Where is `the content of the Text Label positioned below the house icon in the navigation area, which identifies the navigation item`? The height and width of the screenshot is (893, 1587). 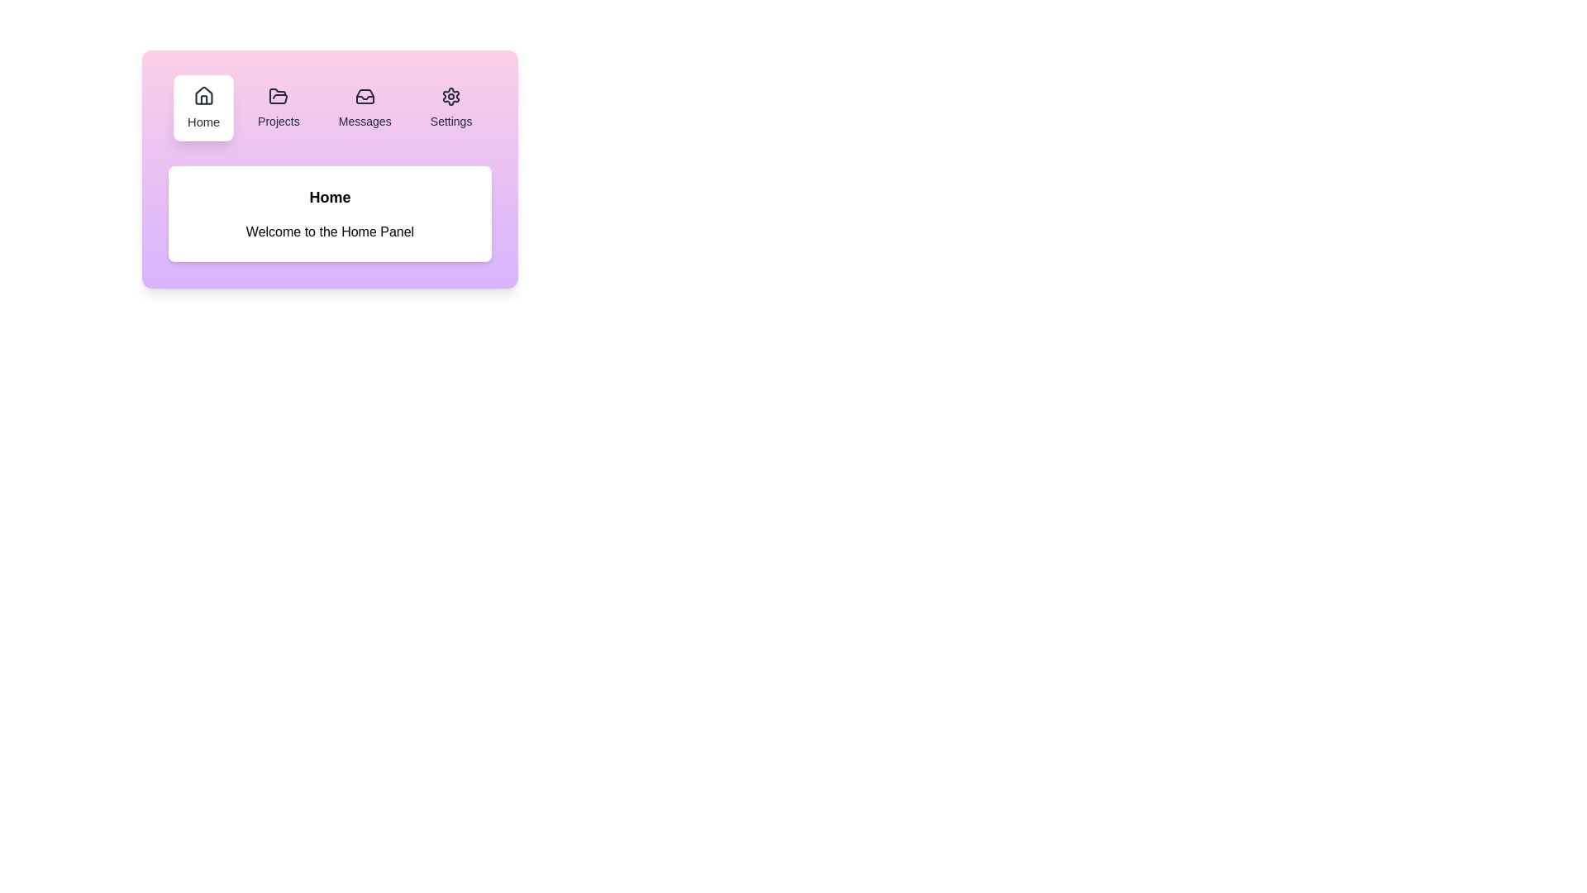 the content of the Text Label positioned below the house icon in the navigation area, which identifies the navigation item is located at coordinates (203, 121).